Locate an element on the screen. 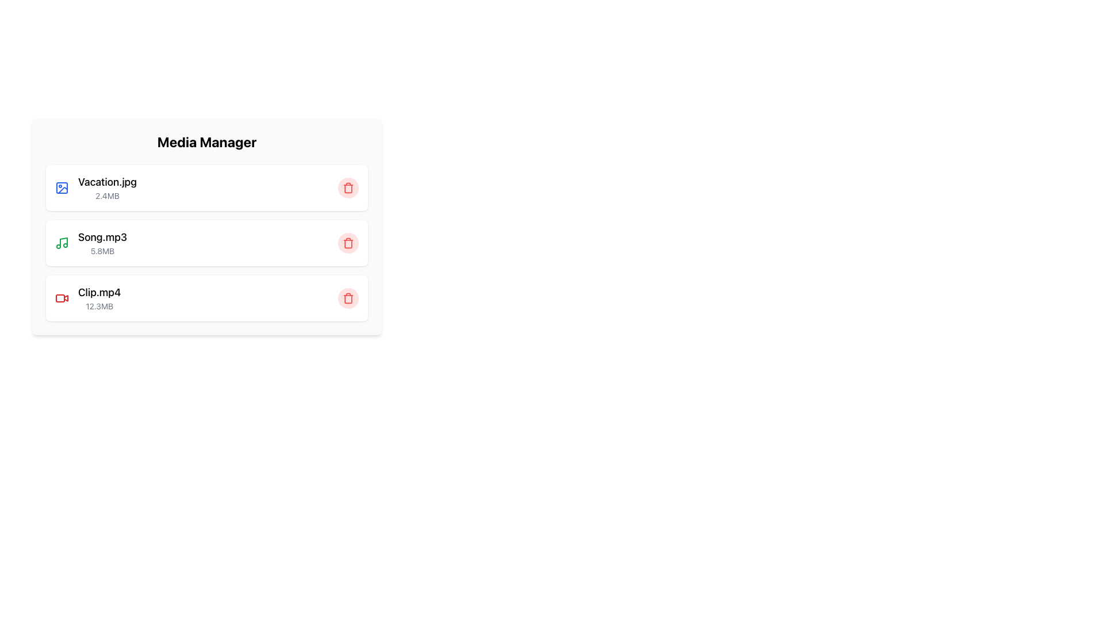  the vertical stem of the musical note icon for 'Song.mp3' in the Media Manager interface, which is styled in black and part of a green-colored note symbol is located at coordinates (63, 241).